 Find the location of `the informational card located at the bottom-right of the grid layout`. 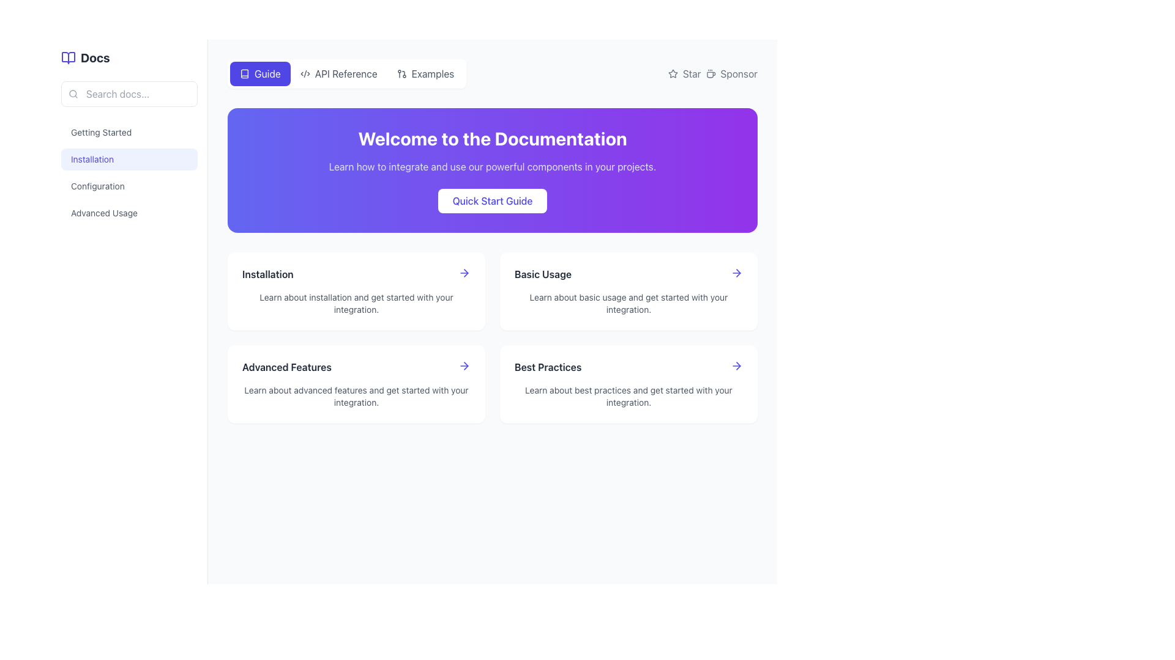

the informational card located at the bottom-right of the grid layout is located at coordinates (629, 383).